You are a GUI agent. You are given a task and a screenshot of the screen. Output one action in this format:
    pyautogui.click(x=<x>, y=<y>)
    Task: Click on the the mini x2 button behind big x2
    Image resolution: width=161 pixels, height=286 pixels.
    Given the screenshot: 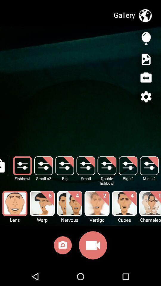 What is the action you would take?
    pyautogui.click(x=149, y=166)
    